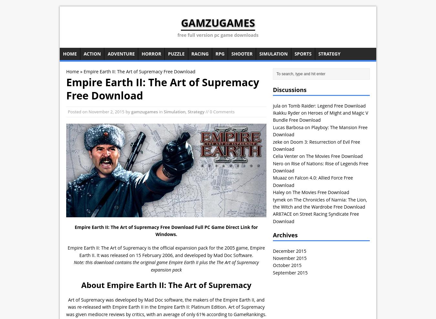 The height and width of the screenshot is (319, 436). I want to click on 'Archives', so click(285, 235).